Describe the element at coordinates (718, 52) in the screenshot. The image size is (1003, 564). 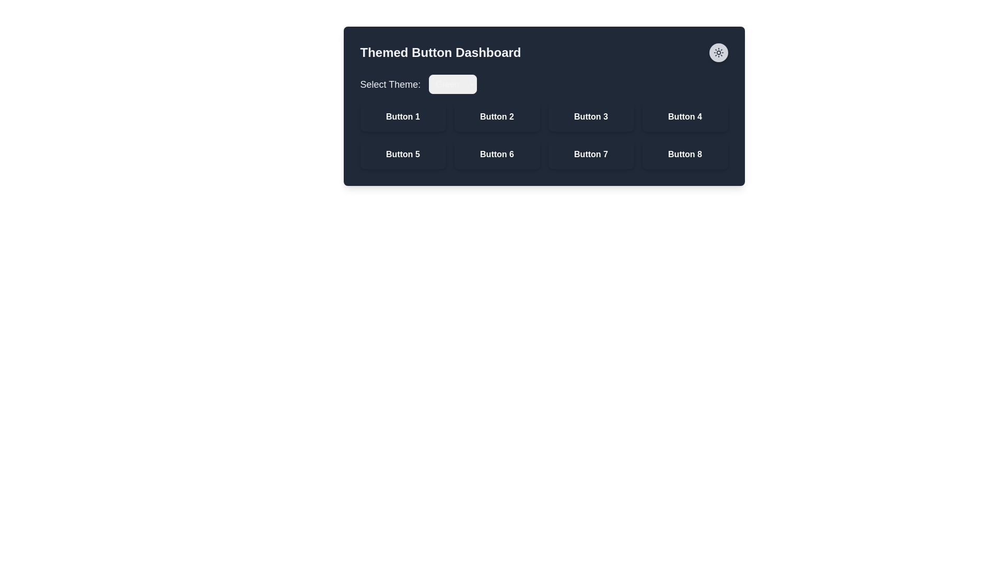
I see `the solar icon embedded within the circular button located at the top-right corner of the dark dashboard` at that location.